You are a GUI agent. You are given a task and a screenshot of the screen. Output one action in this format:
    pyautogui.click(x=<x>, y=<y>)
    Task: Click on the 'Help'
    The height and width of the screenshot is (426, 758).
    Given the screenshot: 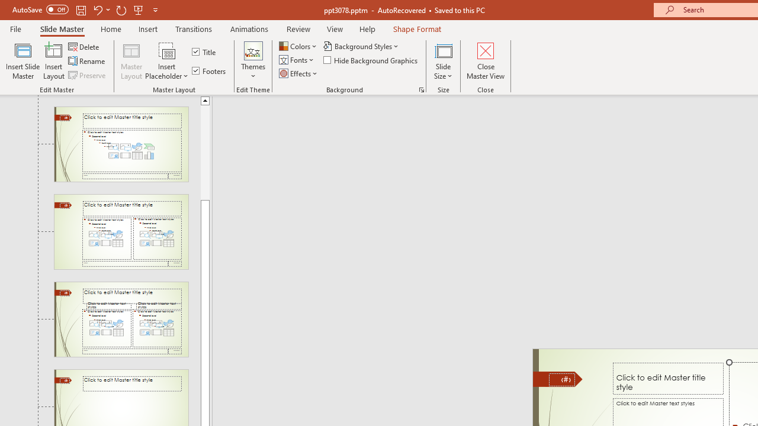 What is the action you would take?
    pyautogui.click(x=367, y=28)
    